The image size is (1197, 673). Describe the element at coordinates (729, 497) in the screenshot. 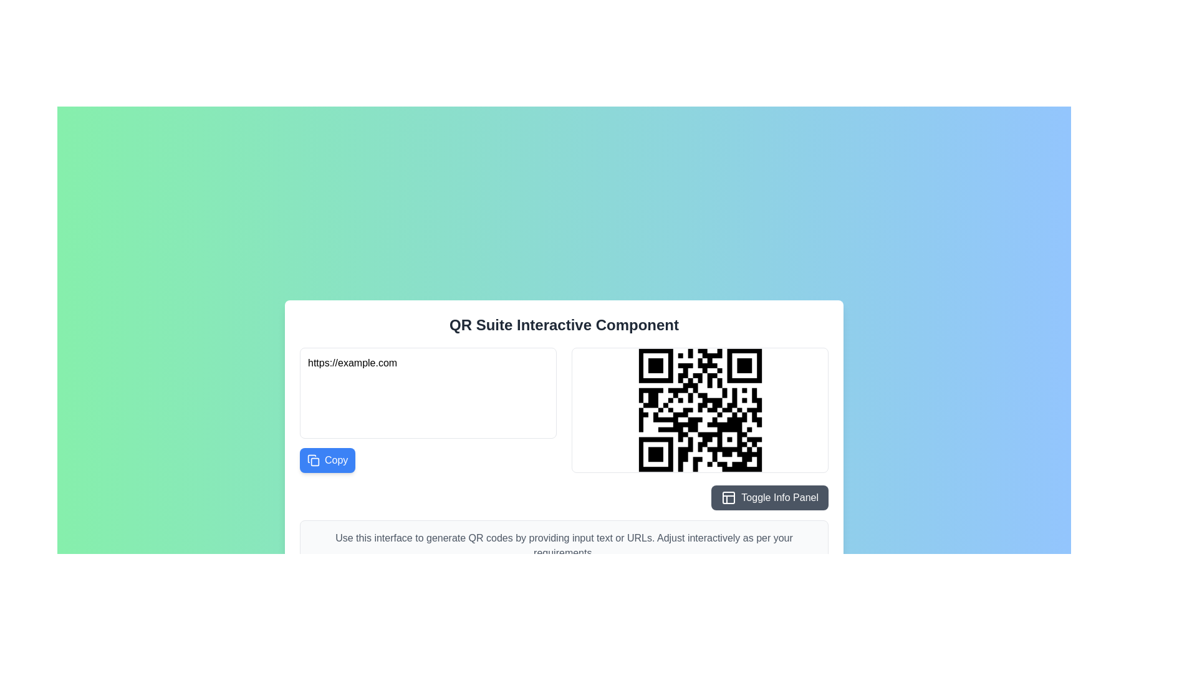

I see `the small square icon with a gray outline and white fill, located to the left of the 'Toggle Info Panel' text within a gray rounded rectangular button at the bottom right of the main panel` at that location.